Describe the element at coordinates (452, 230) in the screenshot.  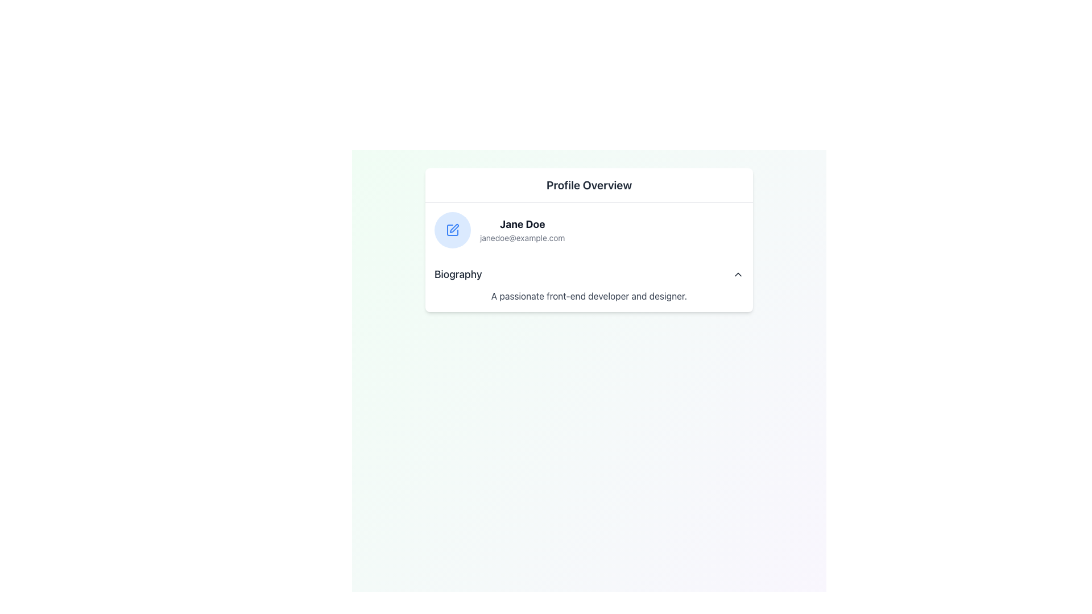
I see `the edit icon within a circular, blue-tinted background located to the left of the 'Jane Doe' text in the profile card` at that location.